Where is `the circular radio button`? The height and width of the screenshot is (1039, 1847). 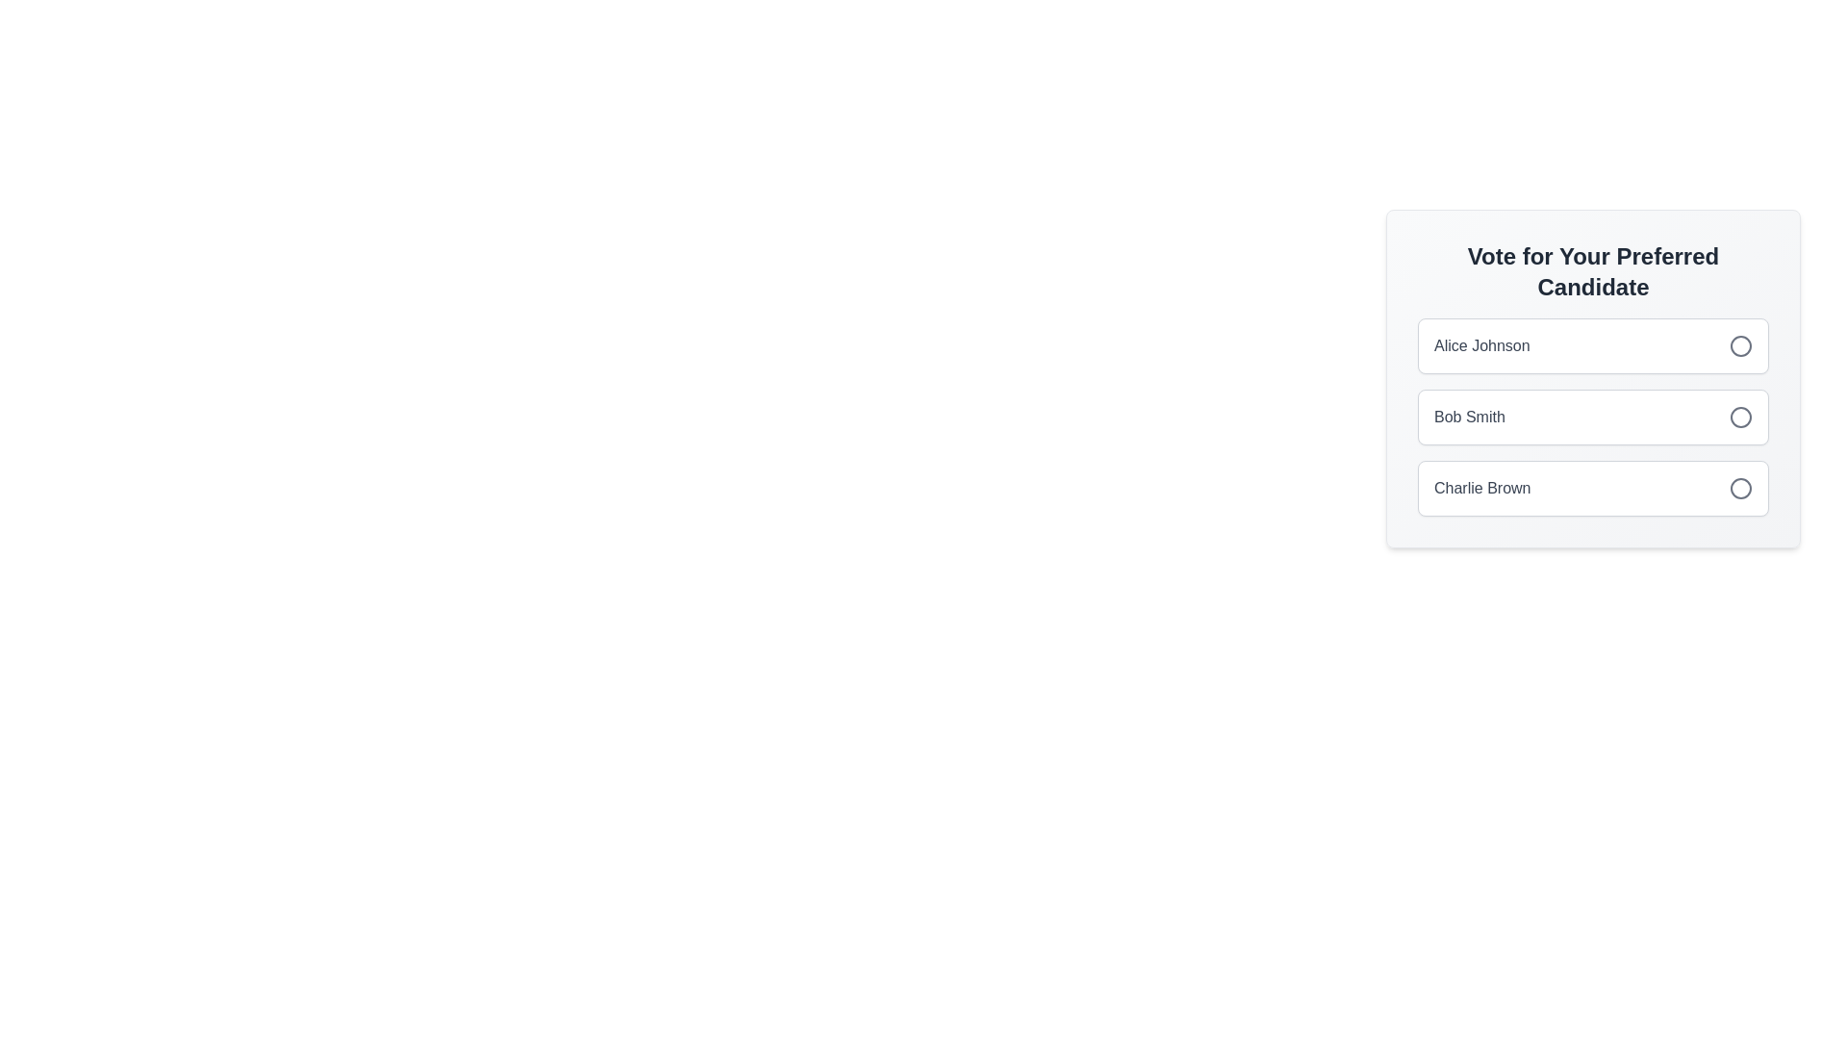 the circular radio button is located at coordinates (1593, 344).